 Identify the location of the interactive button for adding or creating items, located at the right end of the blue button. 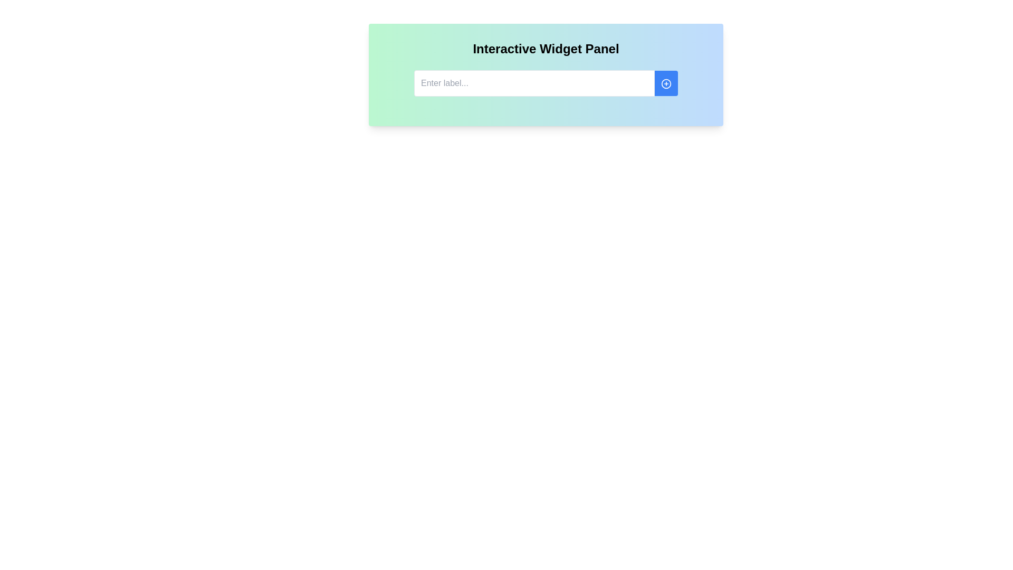
(665, 83).